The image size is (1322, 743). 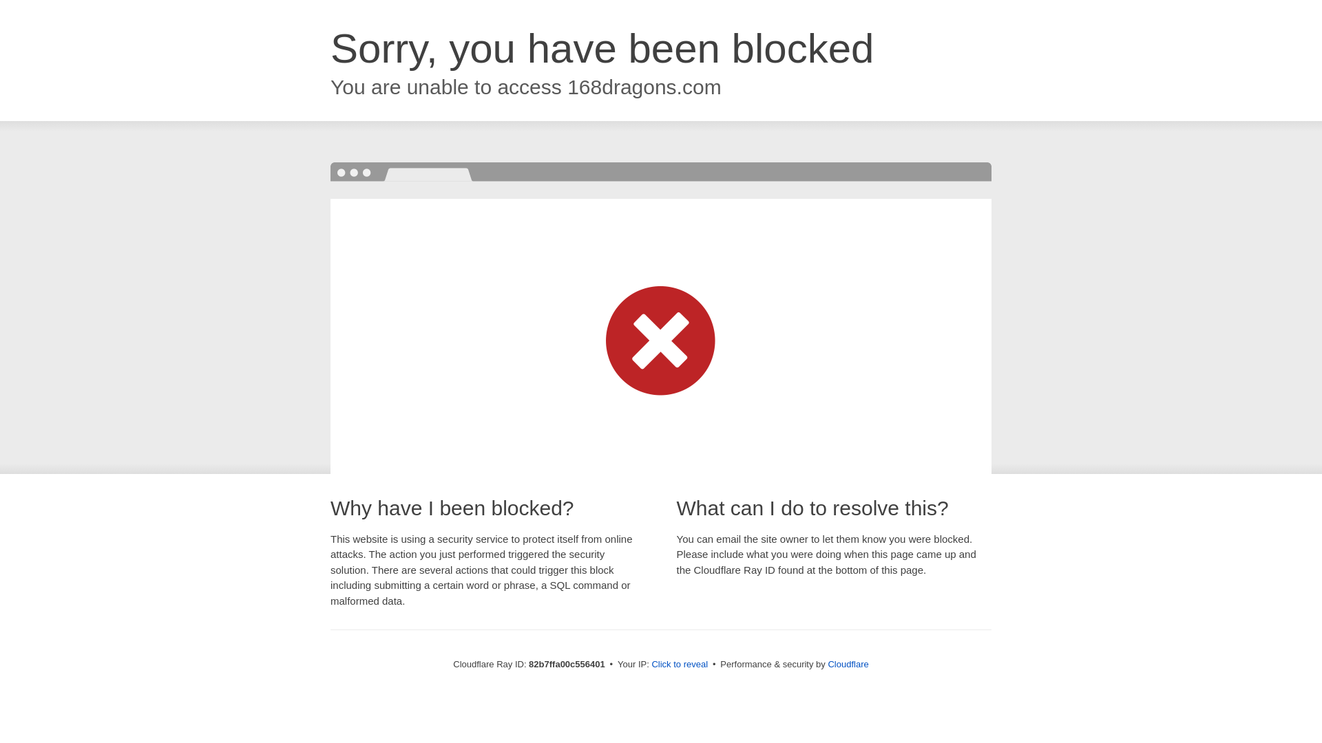 I want to click on 'Click to reveal', so click(x=650, y=663).